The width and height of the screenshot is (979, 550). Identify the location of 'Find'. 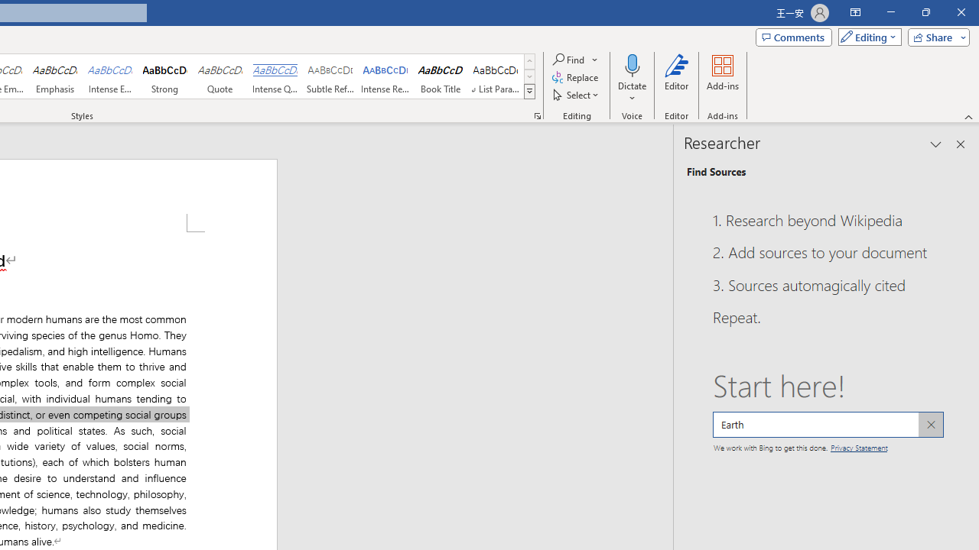
(568, 59).